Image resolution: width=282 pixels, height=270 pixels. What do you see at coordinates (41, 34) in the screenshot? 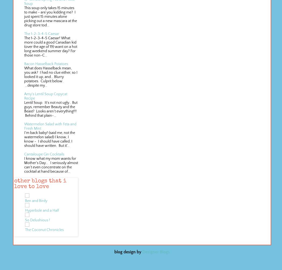
I see `'The 1-2-3-4-5 Caesar'` at bounding box center [41, 34].